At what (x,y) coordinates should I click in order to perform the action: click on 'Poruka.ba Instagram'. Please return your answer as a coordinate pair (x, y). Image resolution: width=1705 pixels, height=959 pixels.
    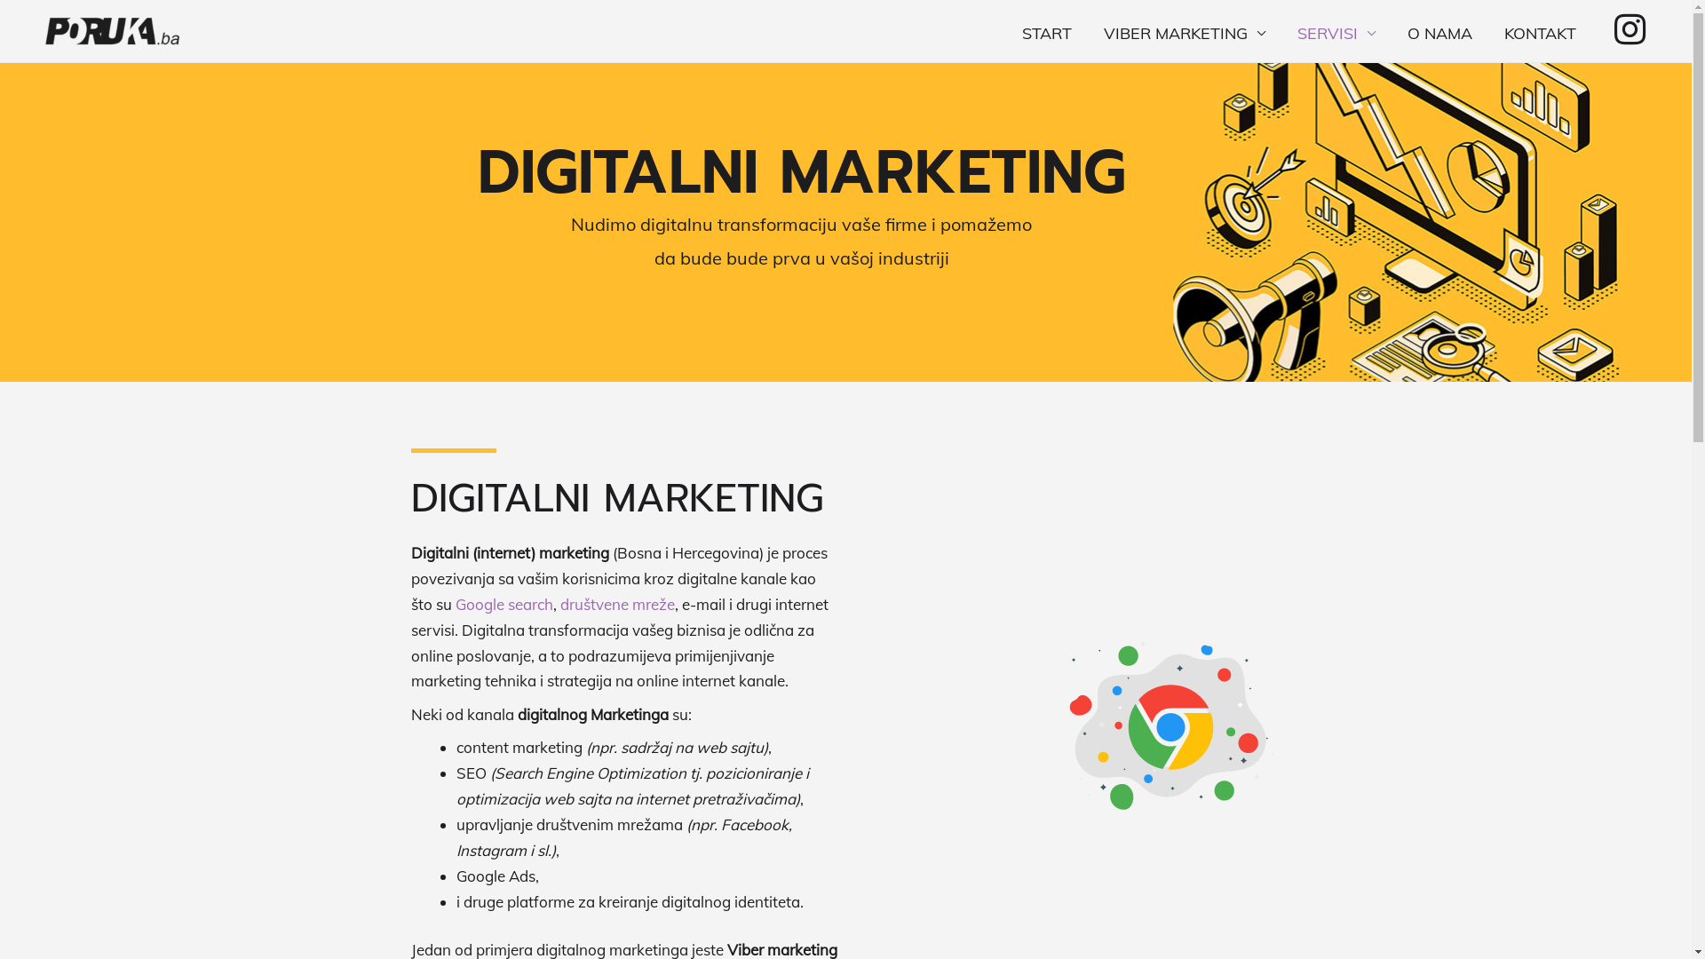
    Looking at the image, I should click on (1630, 29).